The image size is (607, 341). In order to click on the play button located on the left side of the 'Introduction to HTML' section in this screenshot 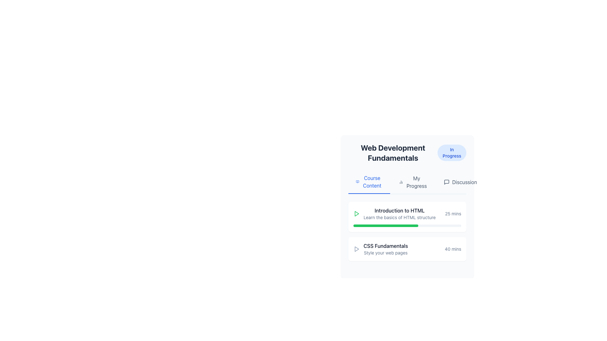, I will do `click(357, 213)`.